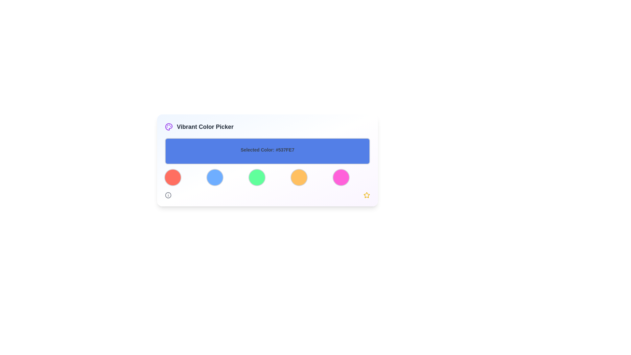 The image size is (631, 355). Describe the element at coordinates (268, 150) in the screenshot. I see `the Text Display that shows the currently selected color value in hexadecimal format (#537FE7) within the blue rectangular banner at the top of the color picker interface` at that location.